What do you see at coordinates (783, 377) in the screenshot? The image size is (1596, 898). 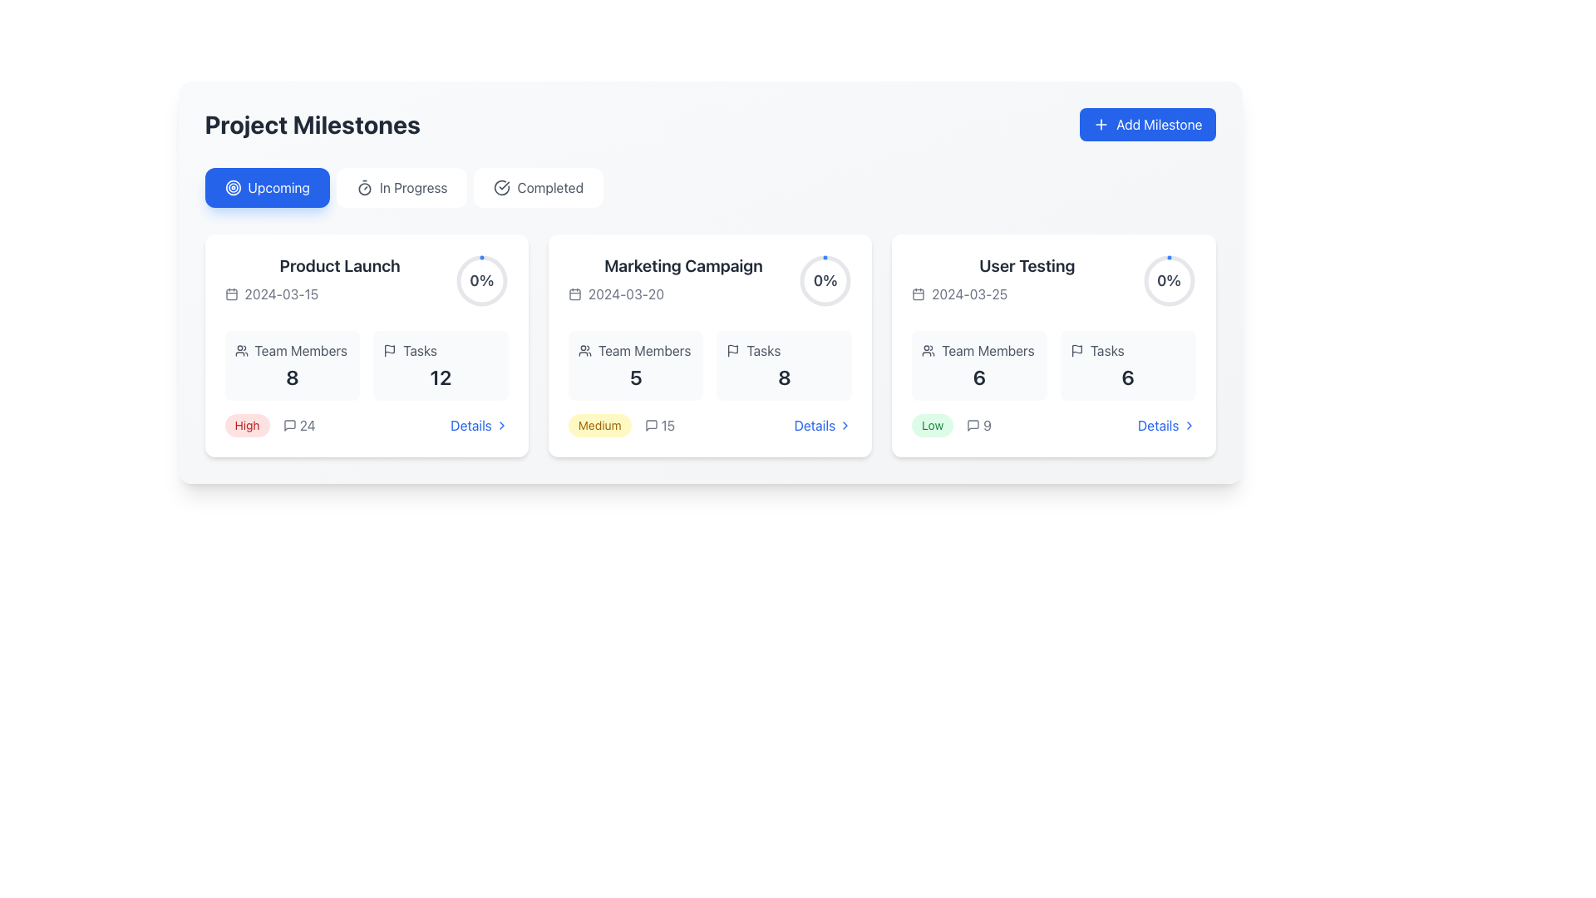 I see `the bold number '8' text label located in the second milestone card titled 'Marketing Campaign', positioned immediately to the right of the 'Tasks' label` at bounding box center [783, 377].